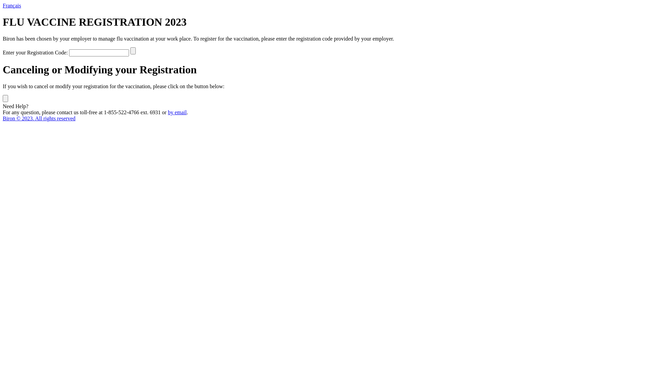 Image resolution: width=650 pixels, height=365 pixels. I want to click on 'by email', so click(177, 112).